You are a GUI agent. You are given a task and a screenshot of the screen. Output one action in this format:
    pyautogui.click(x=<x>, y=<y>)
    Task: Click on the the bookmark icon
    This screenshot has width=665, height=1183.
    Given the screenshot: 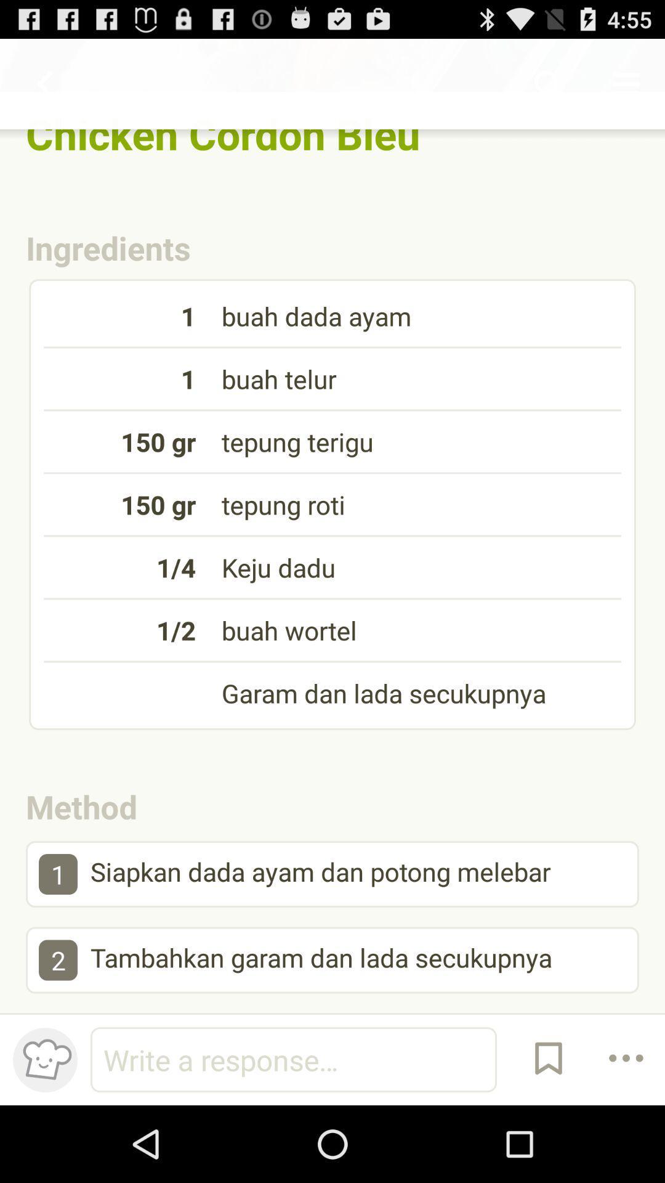 What is the action you would take?
    pyautogui.click(x=548, y=1134)
    